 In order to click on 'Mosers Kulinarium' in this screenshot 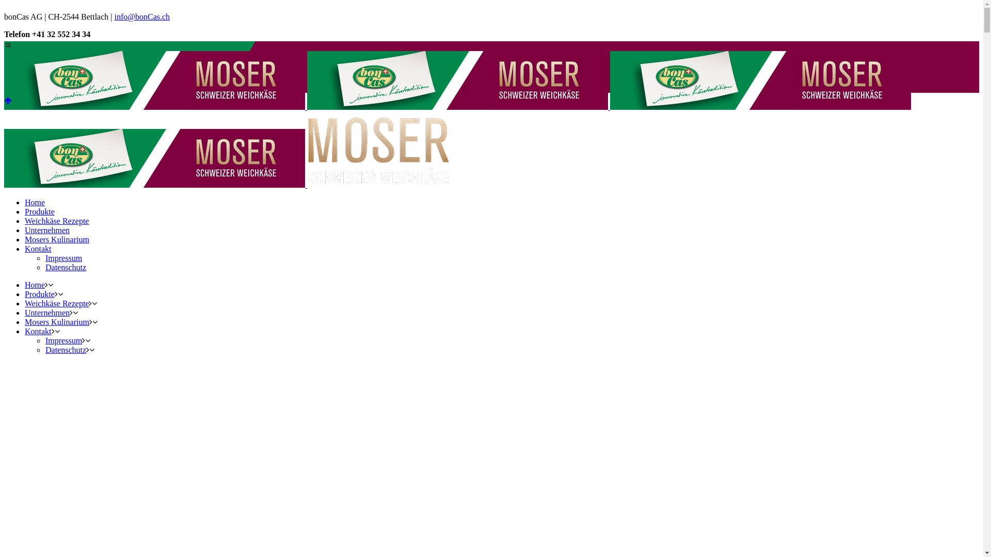, I will do `click(56, 321)`.